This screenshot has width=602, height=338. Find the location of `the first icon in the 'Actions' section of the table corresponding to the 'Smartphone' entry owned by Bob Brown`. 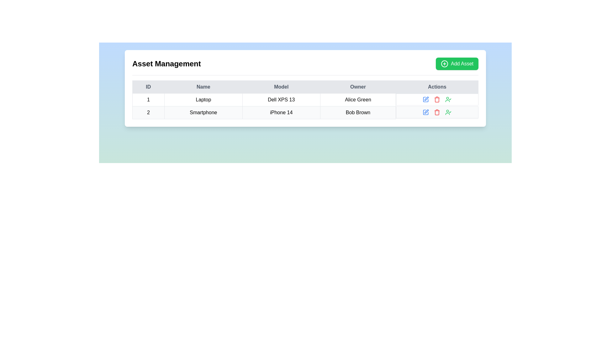

the first icon in the 'Actions' section of the table corresponding to the 'Smartphone' entry owned by Bob Brown is located at coordinates (426, 111).